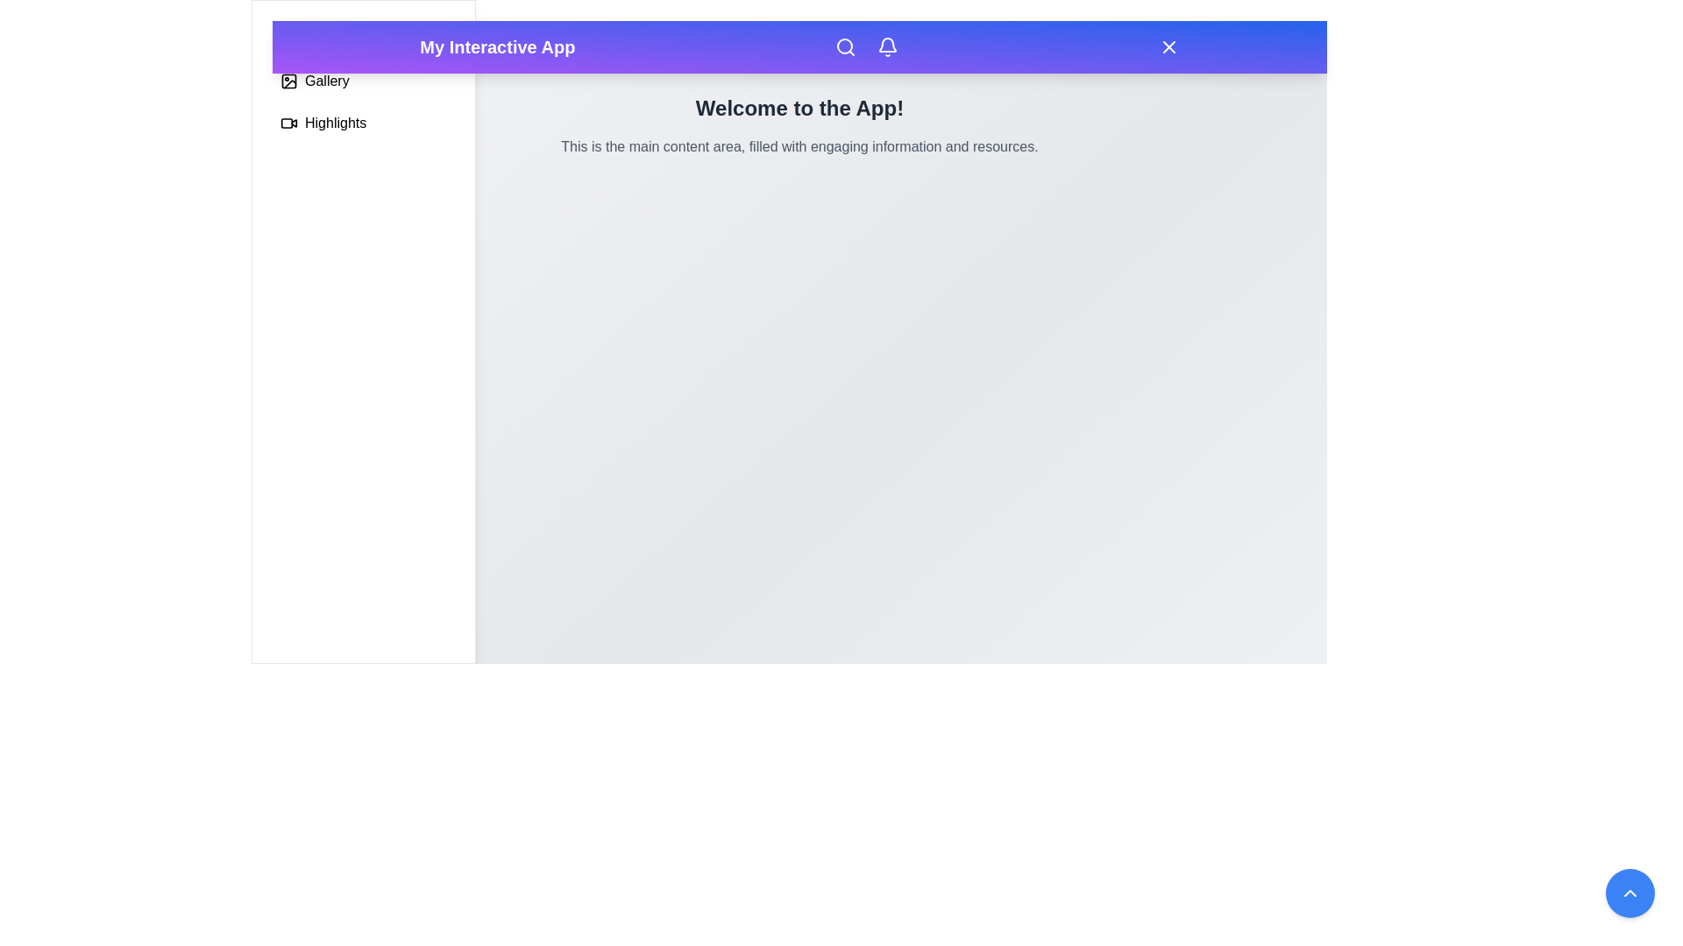 The width and height of the screenshot is (1683, 946). What do you see at coordinates (327, 81) in the screenshot?
I see `the 'Gallery' text label in the sidebar` at bounding box center [327, 81].